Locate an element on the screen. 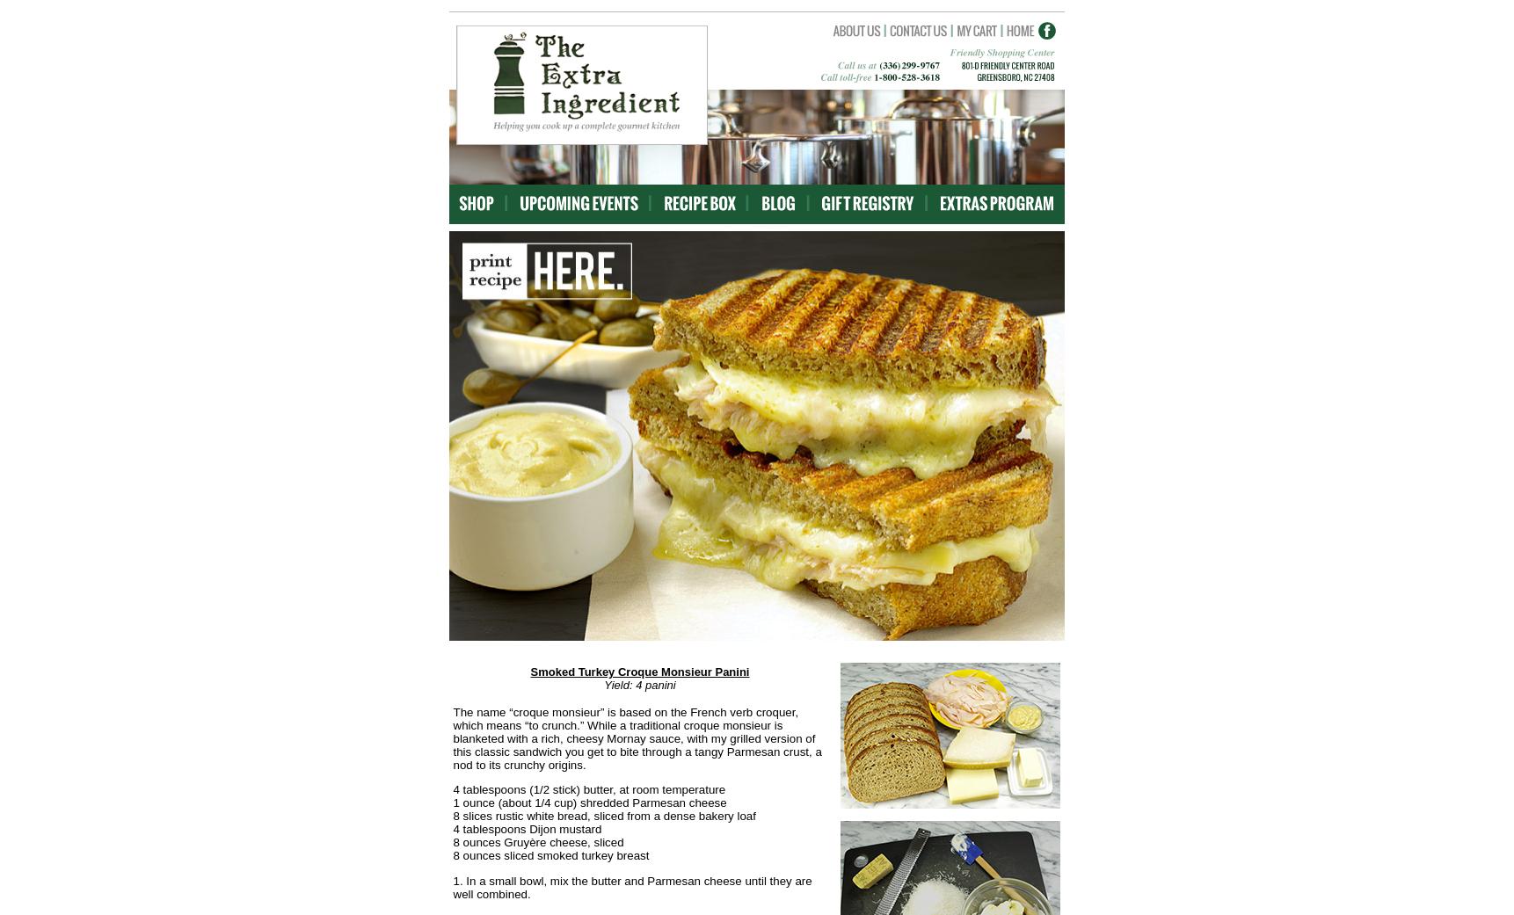 This screenshot has width=1514, height=915. '1 ounce (about 1/4 cup) shredded Parmesan cheese' is located at coordinates (589, 802).